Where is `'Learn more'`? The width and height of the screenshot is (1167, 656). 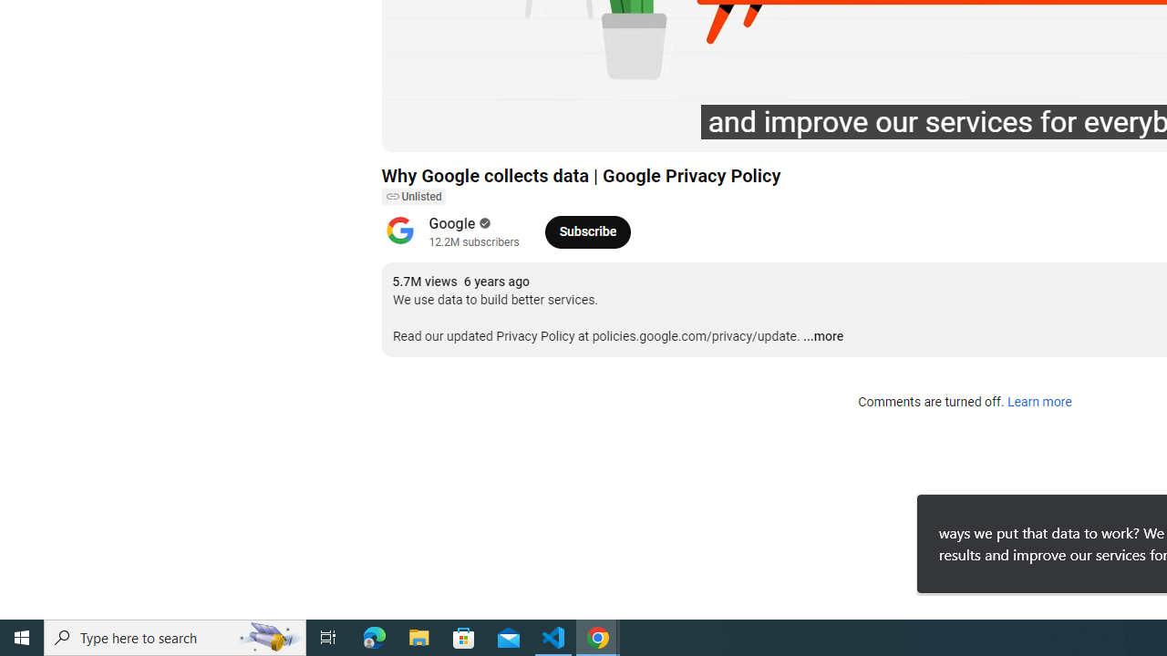 'Learn more' is located at coordinates (1038, 402).